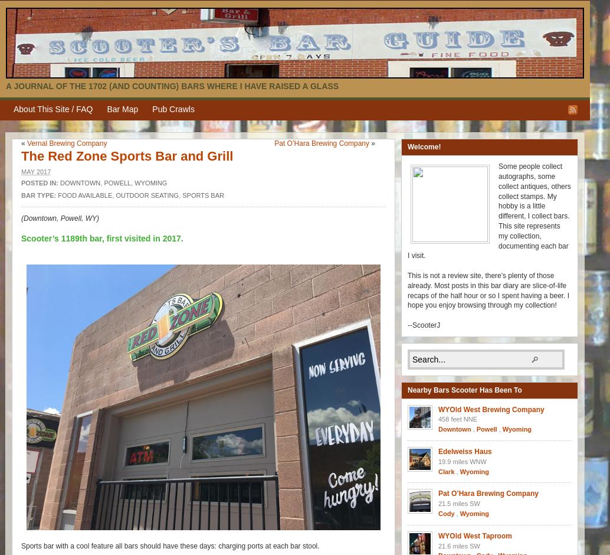 Image resolution: width=610 pixels, height=555 pixels. Describe the element at coordinates (147, 195) in the screenshot. I see `'Outdoor seating'` at that location.